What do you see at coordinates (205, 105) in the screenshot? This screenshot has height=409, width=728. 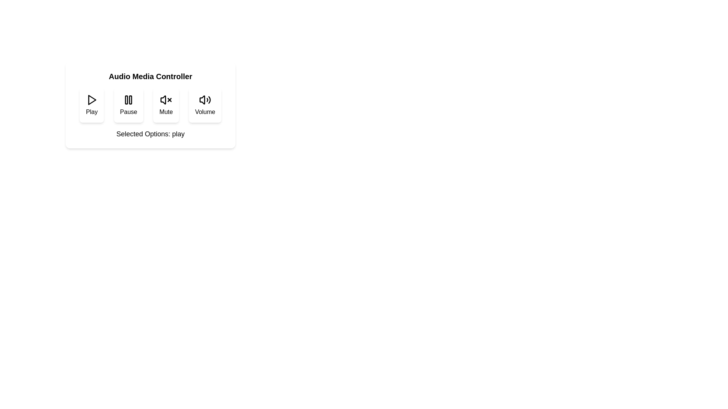 I see `the 'Volume' button to toggle its state` at bounding box center [205, 105].